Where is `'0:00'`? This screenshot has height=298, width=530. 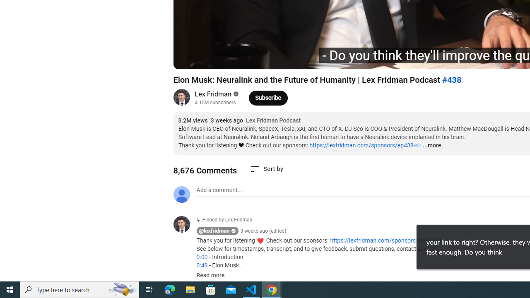 '0:00' is located at coordinates (202, 257).